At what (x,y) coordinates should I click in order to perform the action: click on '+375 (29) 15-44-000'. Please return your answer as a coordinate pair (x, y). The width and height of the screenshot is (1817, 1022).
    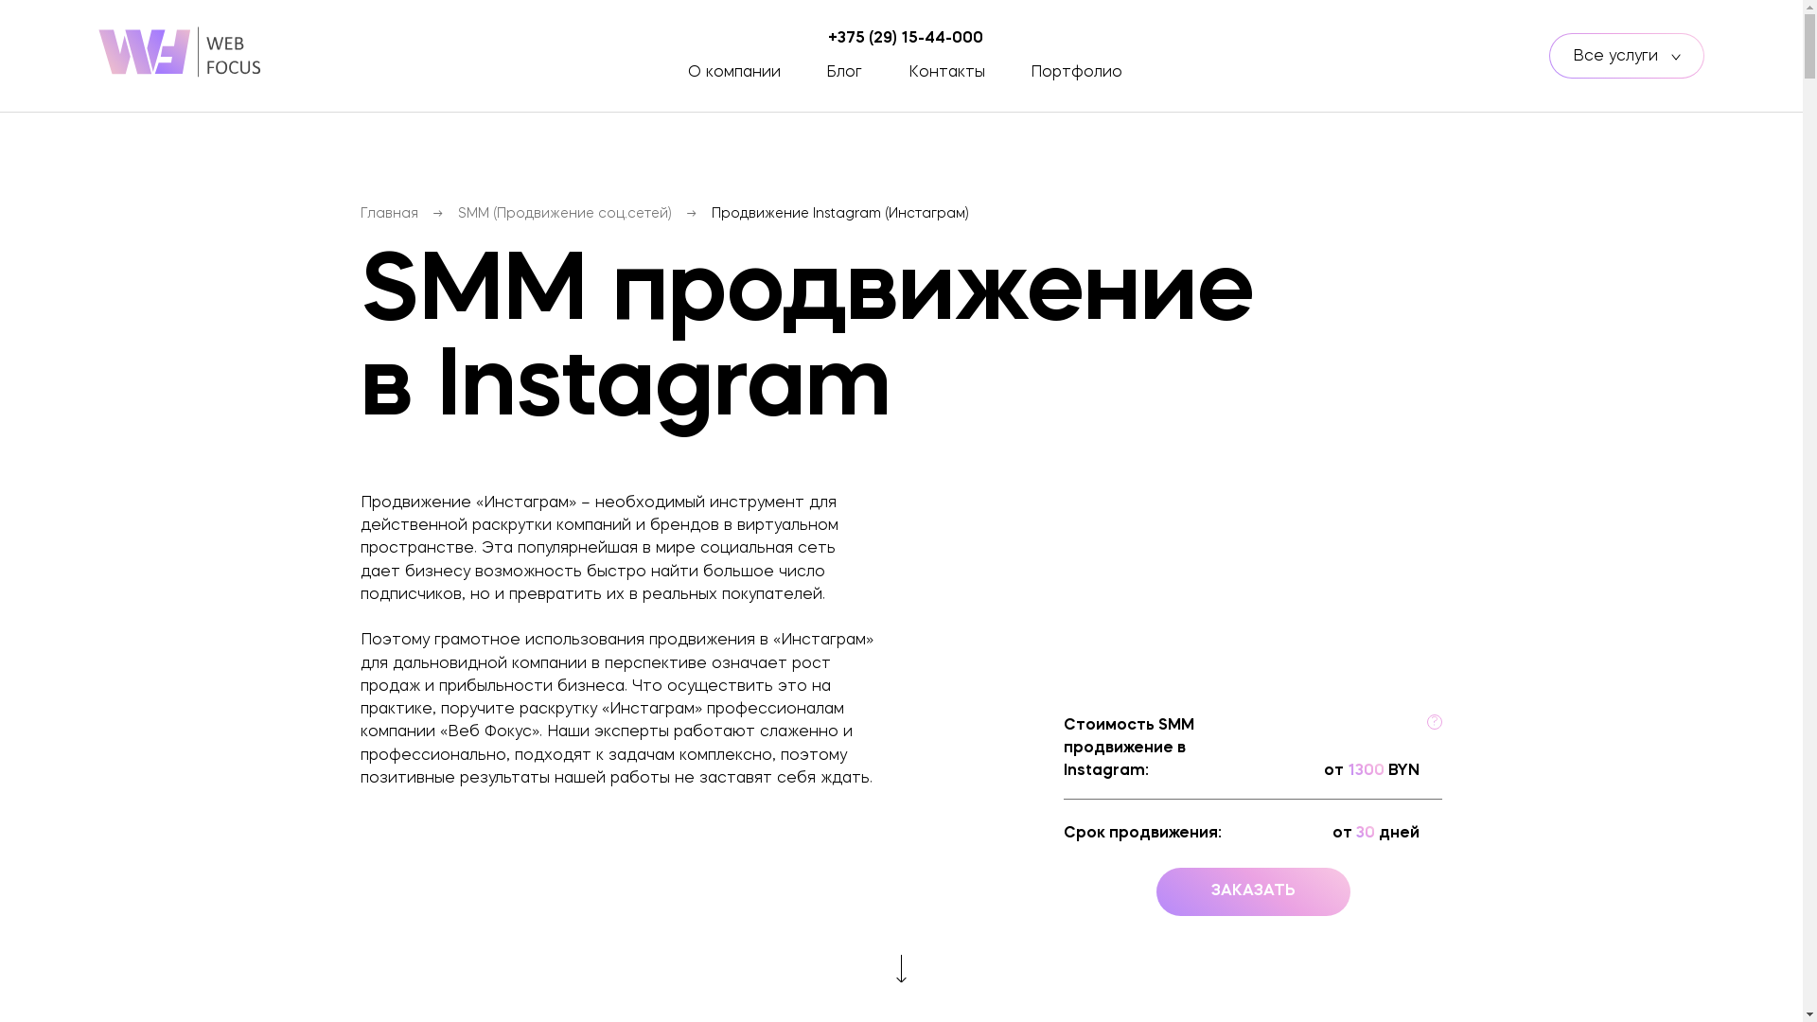
    Looking at the image, I should click on (904, 39).